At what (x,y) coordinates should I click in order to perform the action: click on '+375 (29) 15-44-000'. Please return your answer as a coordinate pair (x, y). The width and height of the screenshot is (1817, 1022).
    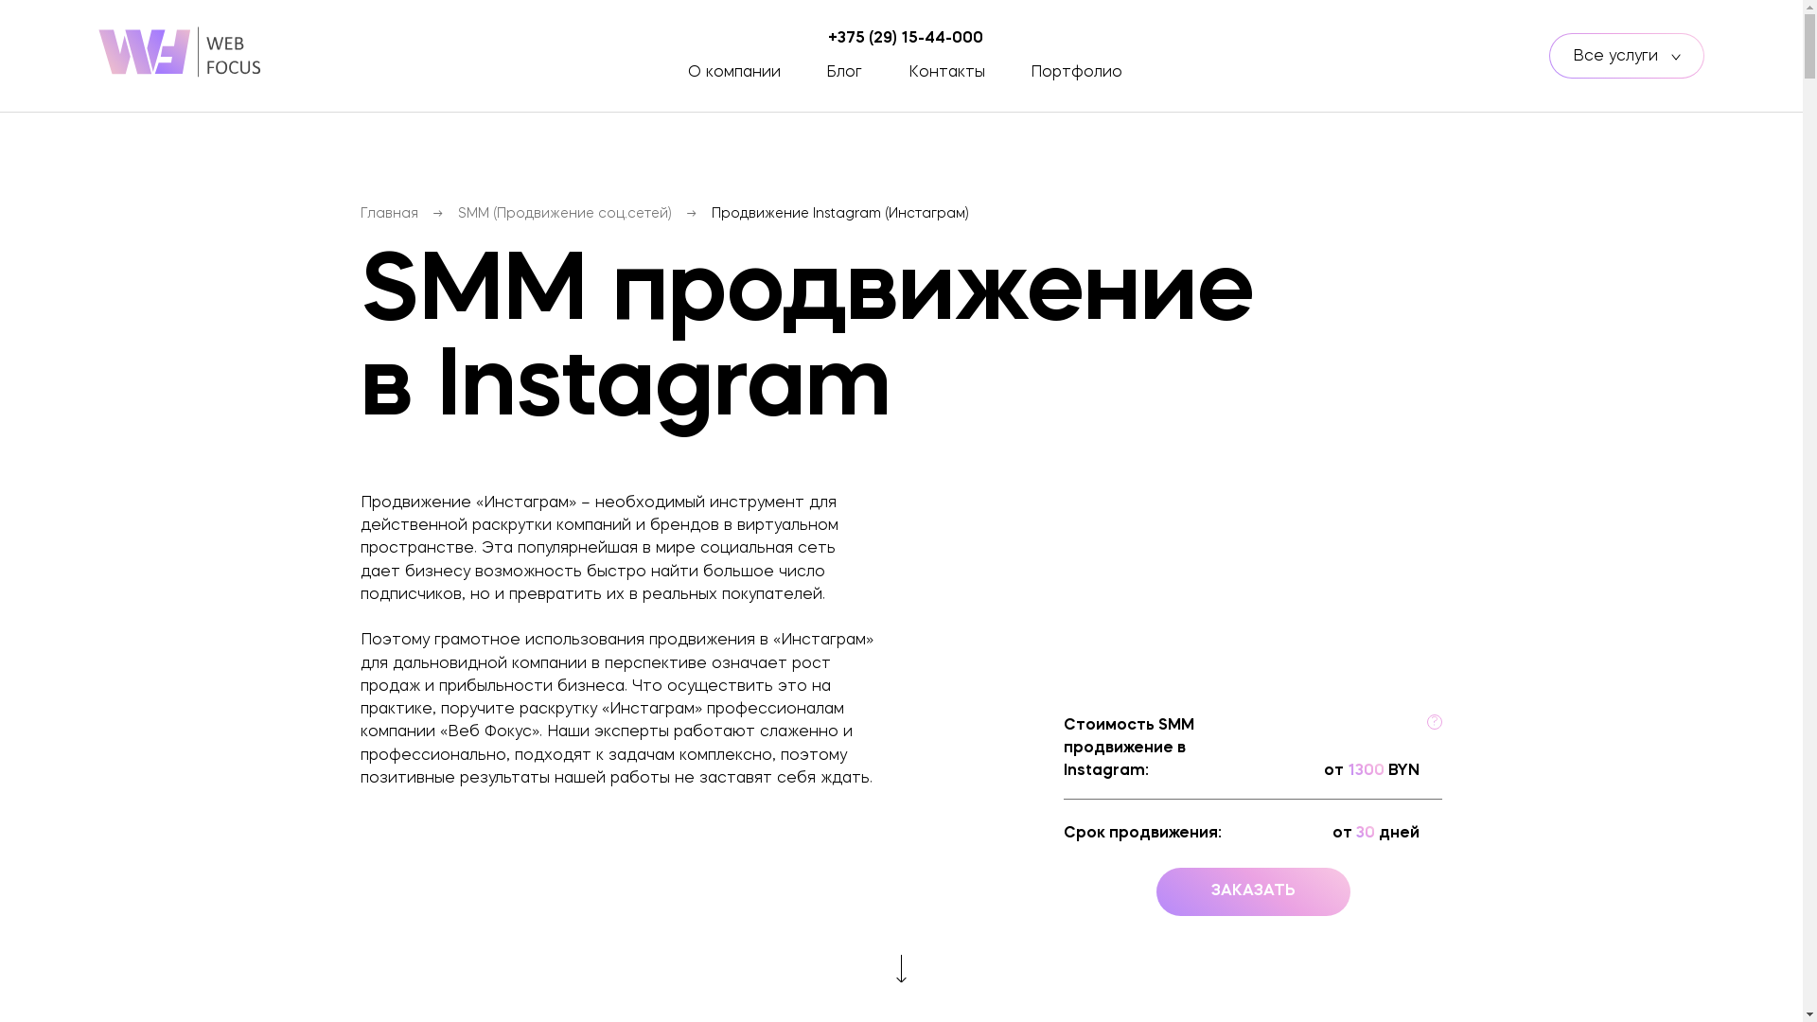
    Looking at the image, I should click on (904, 39).